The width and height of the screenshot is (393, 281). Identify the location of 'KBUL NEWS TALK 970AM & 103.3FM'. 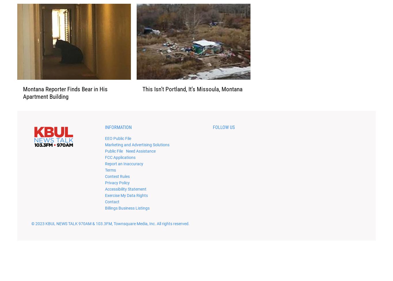
(45, 233).